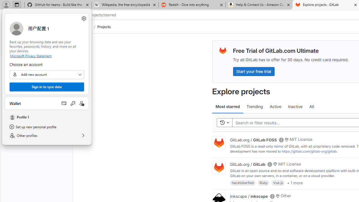 The height and width of the screenshot is (202, 359). Describe the element at coordinates (224, 122) in the screenshot. I see `'Toggle history'` at that location.